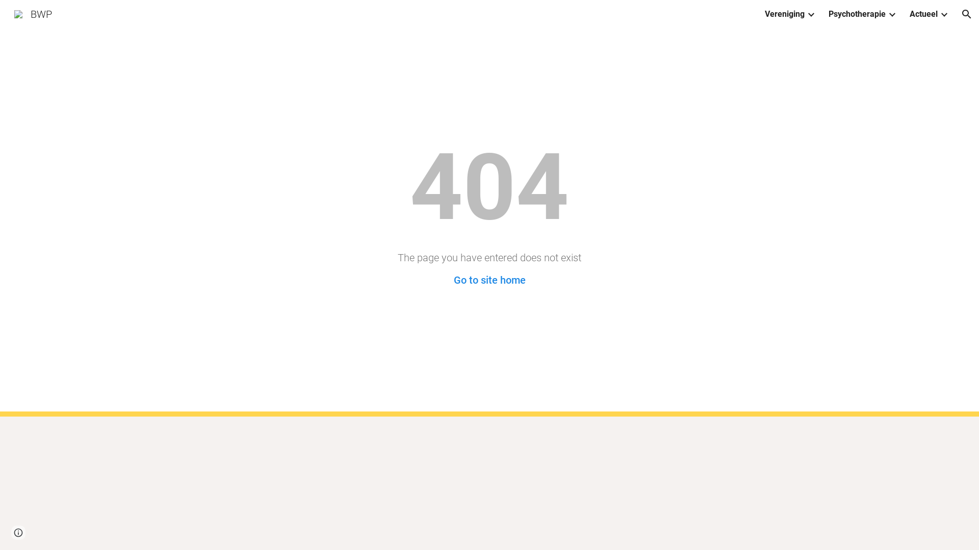 Image resolution: width=979 pixels, height=550 pixels. Describe the element at coordinates (857, 14) in the screenshot. I see `'Psychotherapie'` at that location.